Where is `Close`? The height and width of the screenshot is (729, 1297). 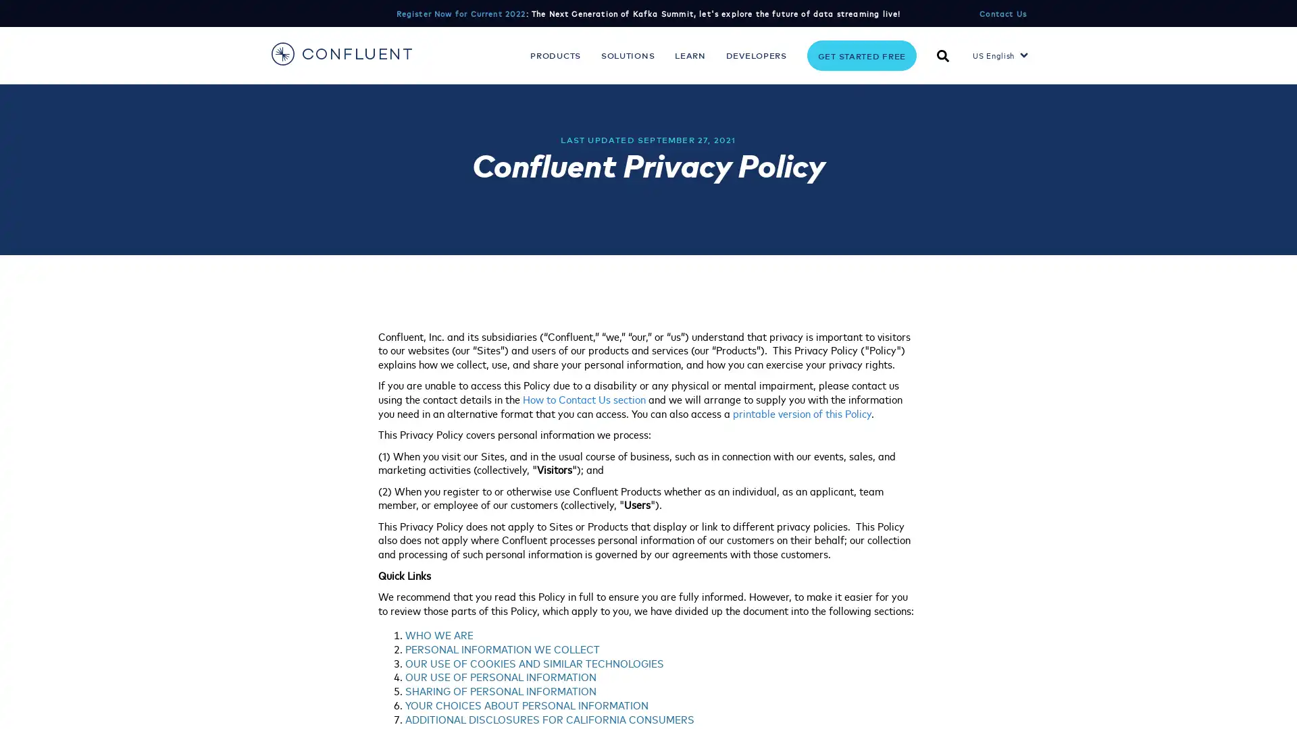 Close is located at coordinates (1274, 698).